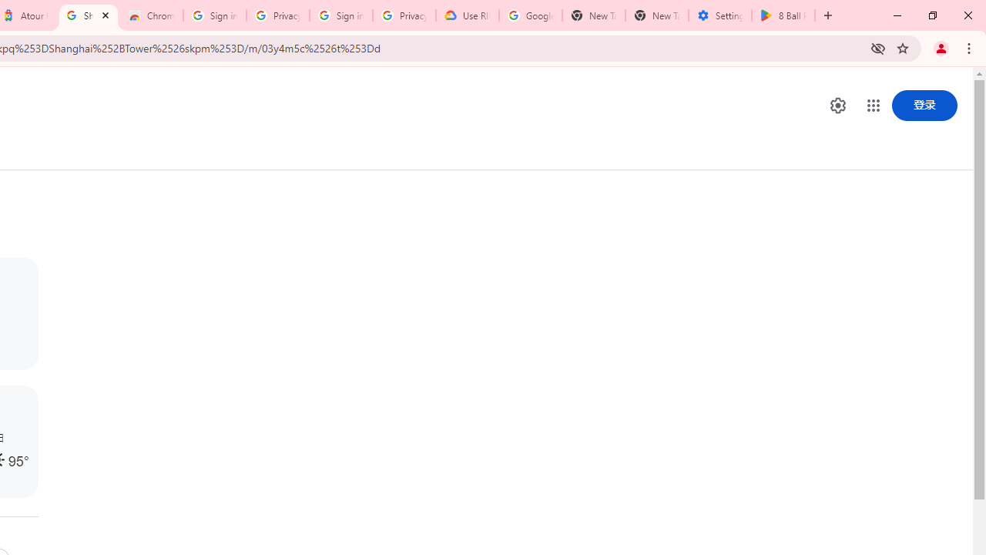 This screenshot has height=555, width=986. I want to click on 'Chrome Web Store - Color themes by Chrome', so click(152, 15).